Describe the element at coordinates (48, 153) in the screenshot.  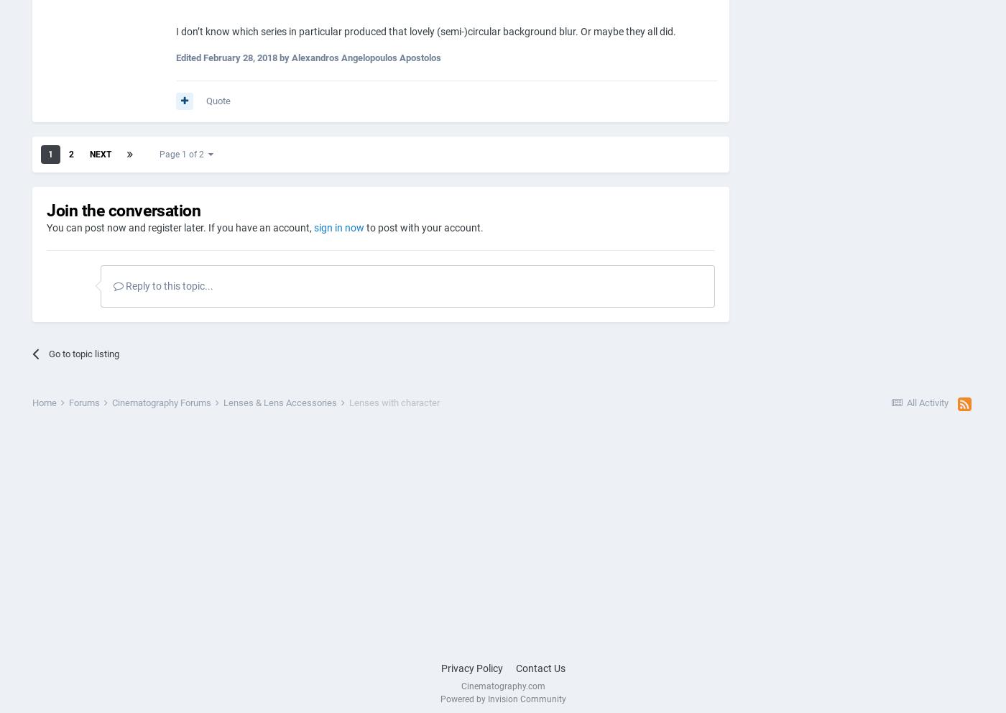
I see `'1'` at that location.